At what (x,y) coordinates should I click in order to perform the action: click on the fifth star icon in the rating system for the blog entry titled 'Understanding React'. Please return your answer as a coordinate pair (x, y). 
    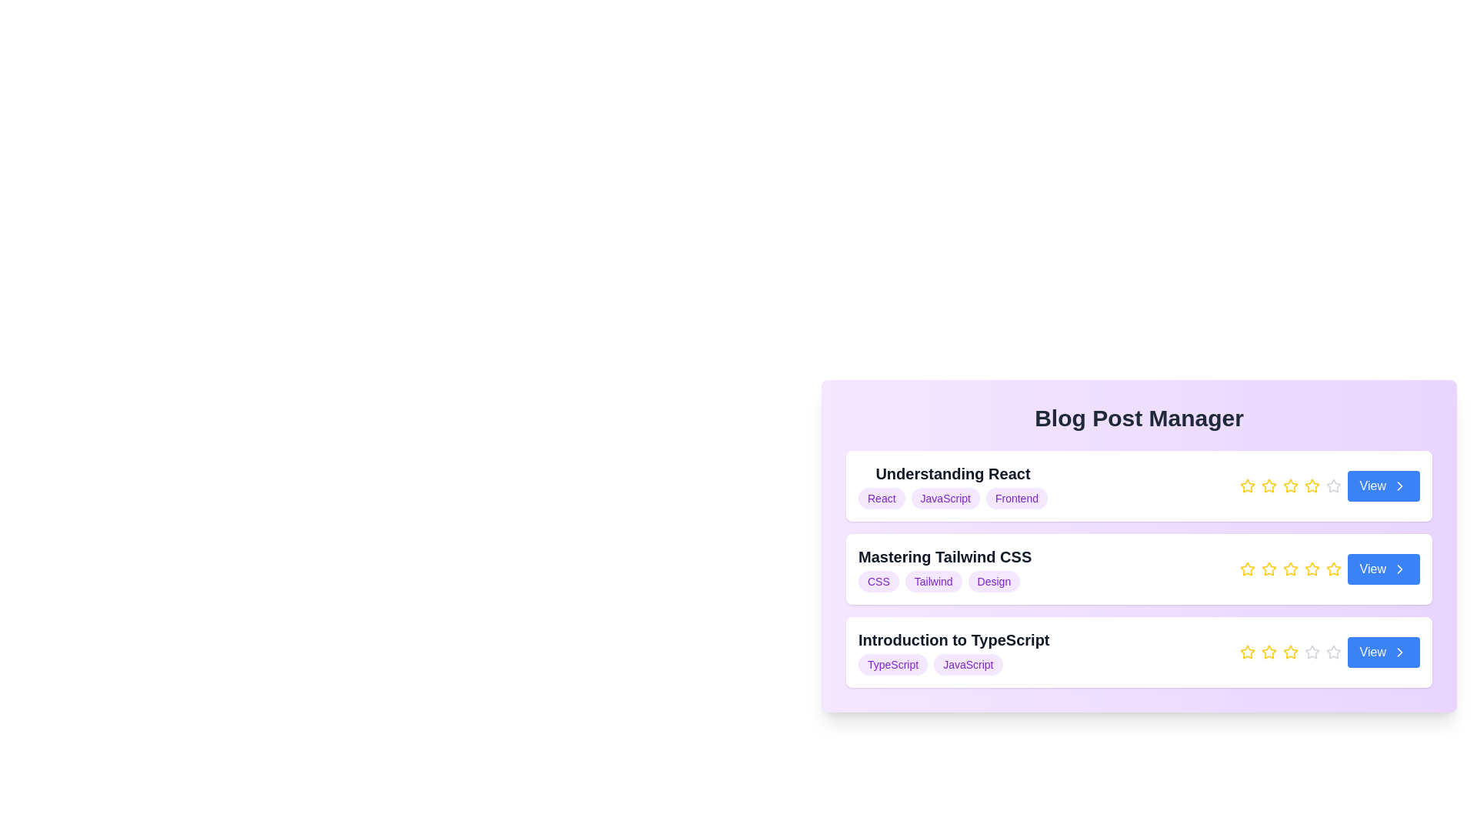
    Looking at the image, I should click on (1311, 486).